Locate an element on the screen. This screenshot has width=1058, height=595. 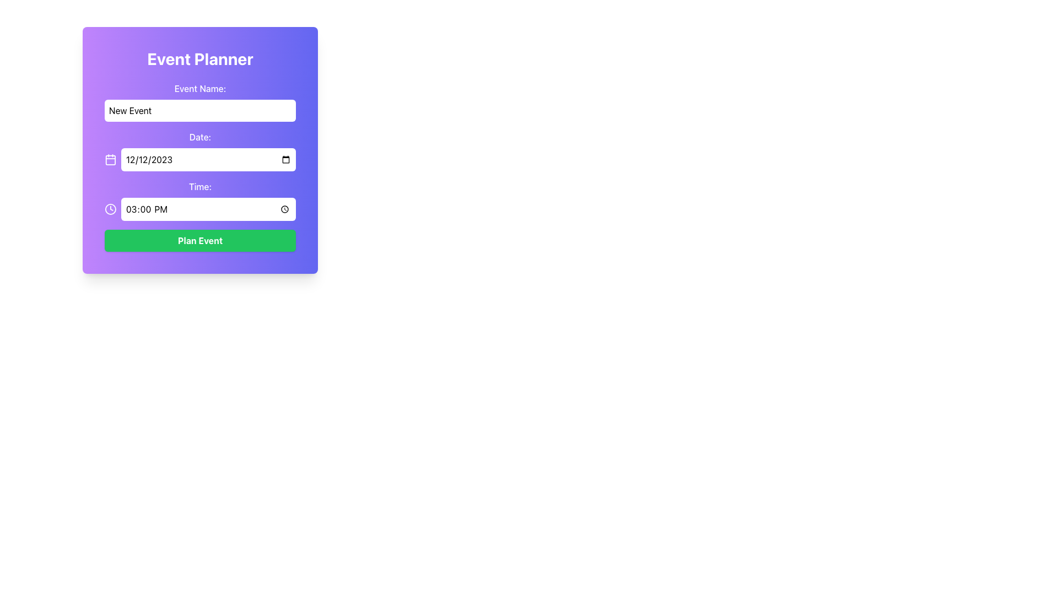
the Text Label indicating the field for entering the event's name, located above the 'New Event' input field is located at coordinates (200, 88).